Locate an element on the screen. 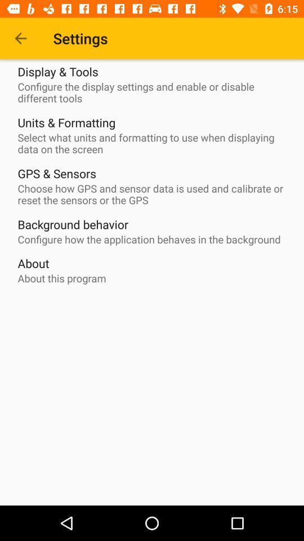  item below the gps & sensors icon is located at coordinates (154, 194).